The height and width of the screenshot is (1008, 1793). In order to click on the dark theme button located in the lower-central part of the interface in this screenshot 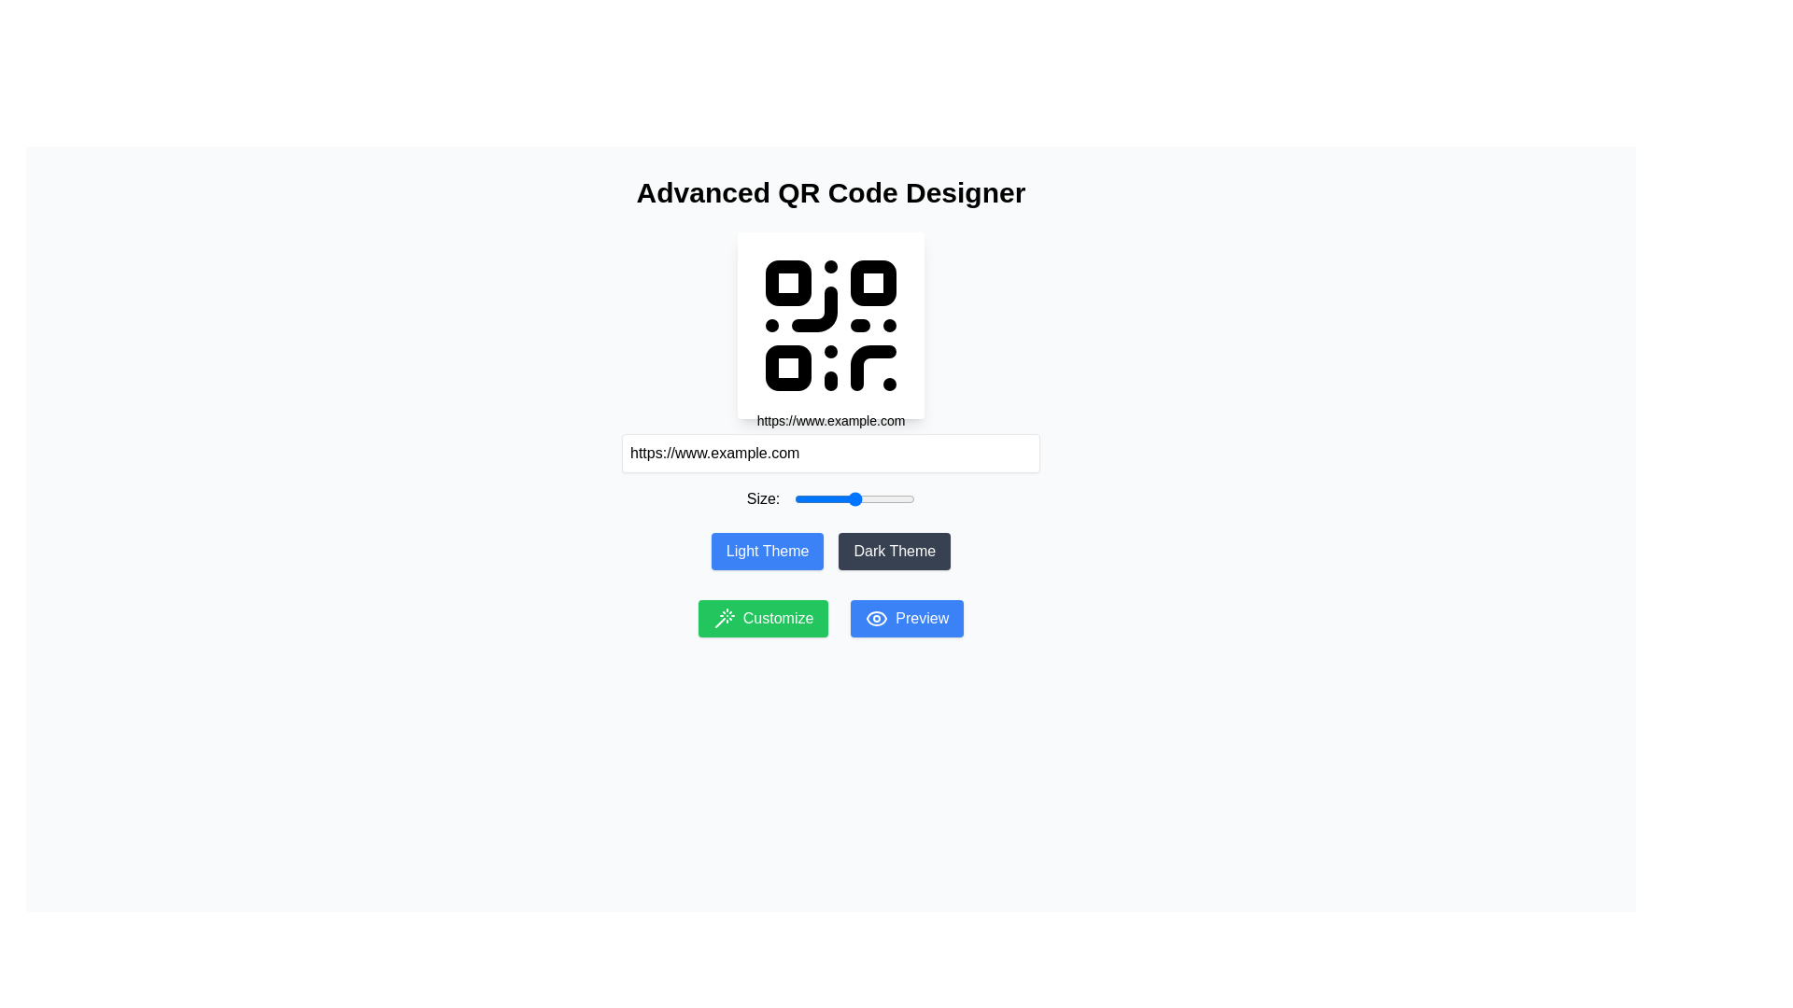, I will do `click(894, 550)`.